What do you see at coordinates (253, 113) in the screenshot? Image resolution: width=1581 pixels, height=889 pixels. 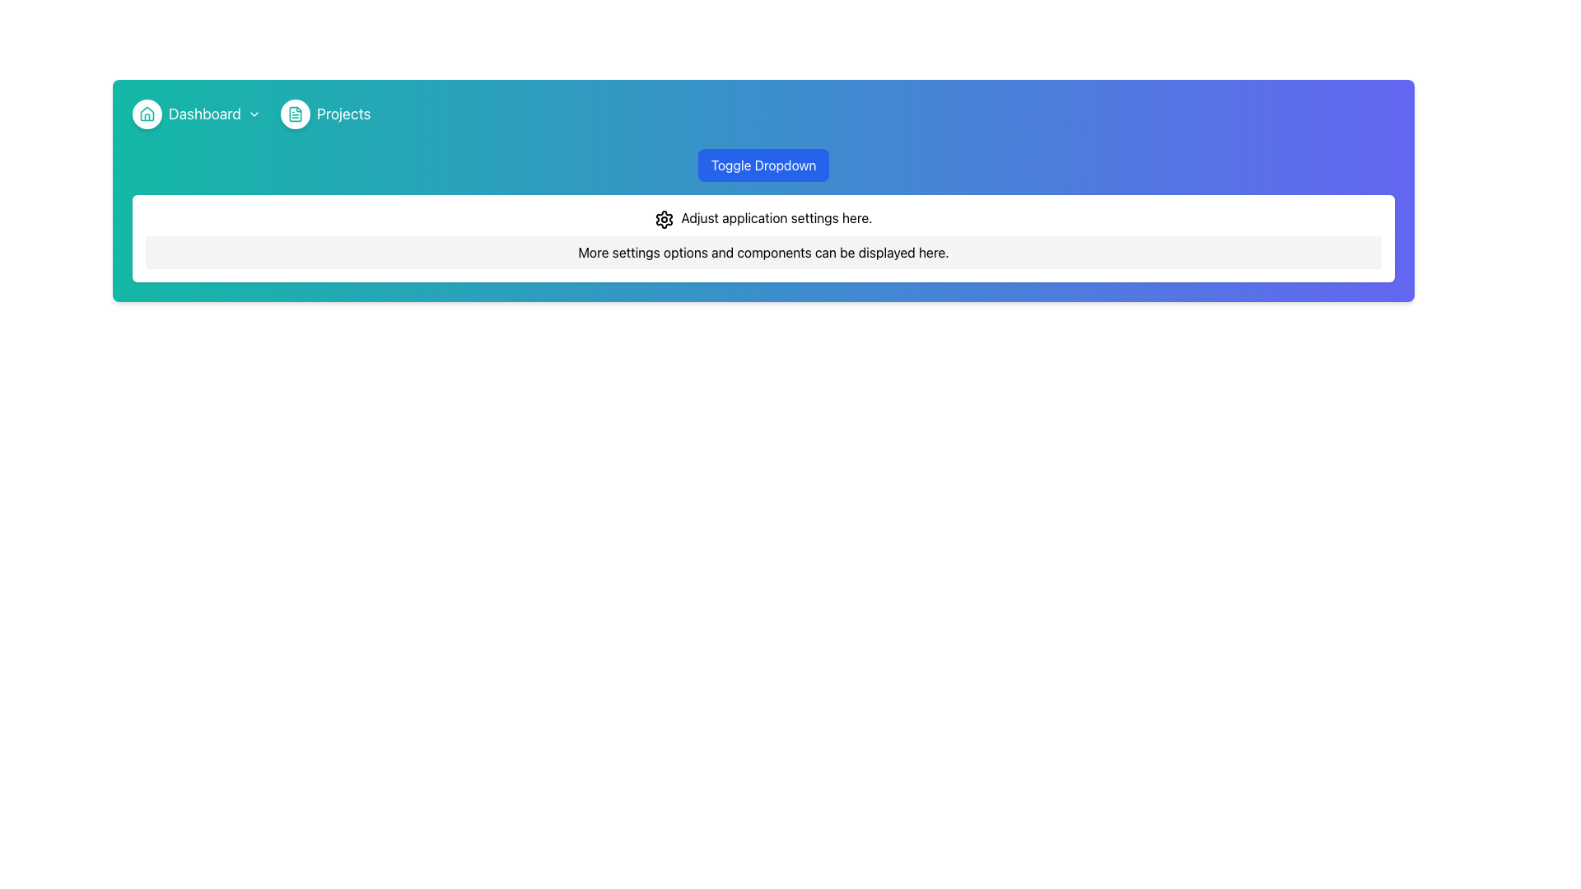 I see `the downward-pointing chevron icon with class 'lucide-chevron-down'` at bounding box center [253, 113].